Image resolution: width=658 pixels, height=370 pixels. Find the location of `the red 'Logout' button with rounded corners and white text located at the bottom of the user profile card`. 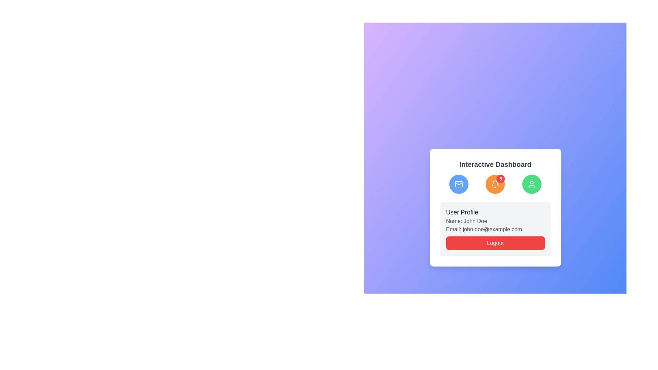

the red 'Logout' button with rounded corners and white text located at the bottom of the user profile card is located at coordinates (495, 243).